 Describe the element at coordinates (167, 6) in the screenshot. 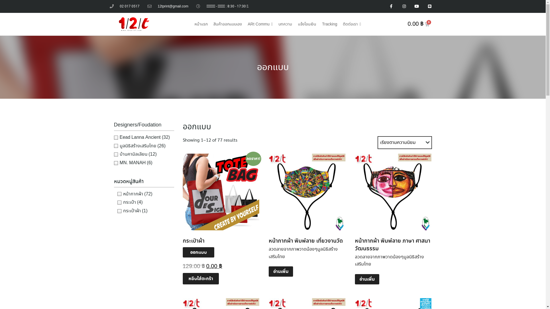

I see `'12tprint@gmail.com'` at that location.